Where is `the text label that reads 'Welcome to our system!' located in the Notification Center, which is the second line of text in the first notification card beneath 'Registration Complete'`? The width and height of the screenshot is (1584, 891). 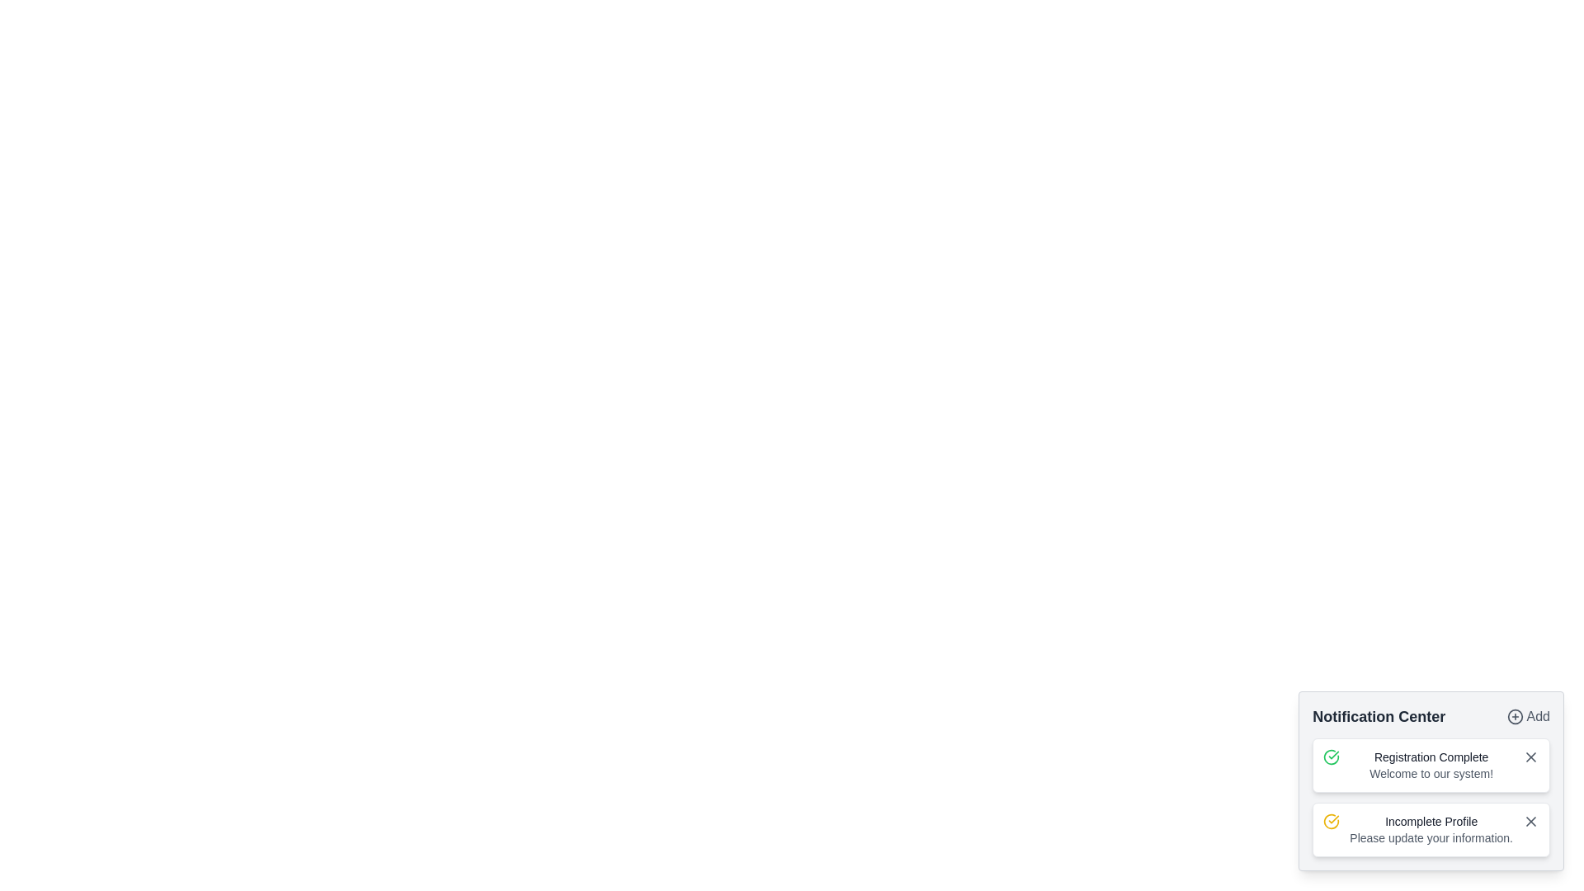 the text label that reads 'Welcome to our system!' located in the Notification Center, which is the second line of text in the first notification card beneath 'Registration Complete' is located at coordinates (1431, 773).